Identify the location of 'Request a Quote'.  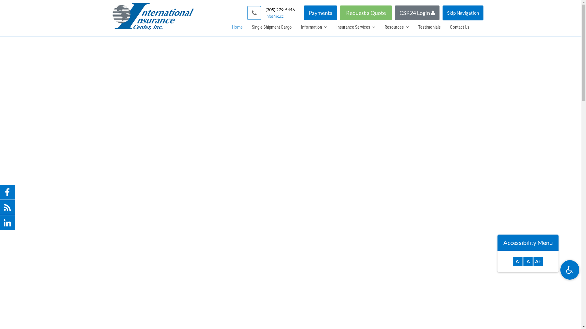
(366, 13).